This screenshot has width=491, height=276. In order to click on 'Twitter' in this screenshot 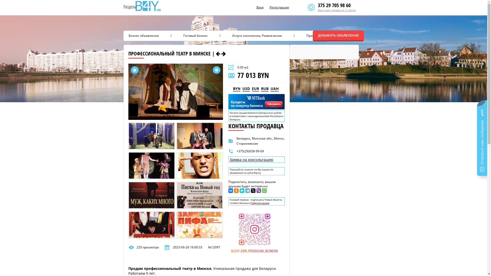, I will do `click(253, 190)`.